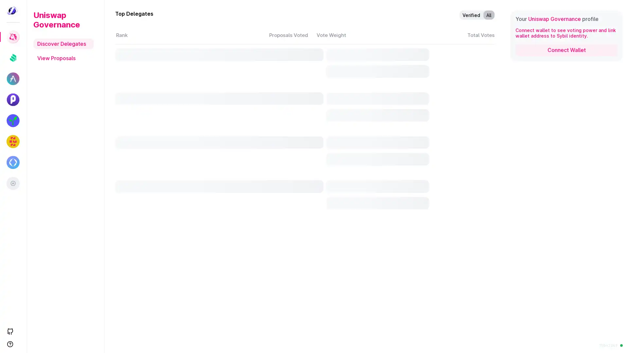 This screenshot has height=353, width=628. What do you see at coordinates (434, 297) in the screenshot?
I see `Delegate` at bounding box center [434, 297].